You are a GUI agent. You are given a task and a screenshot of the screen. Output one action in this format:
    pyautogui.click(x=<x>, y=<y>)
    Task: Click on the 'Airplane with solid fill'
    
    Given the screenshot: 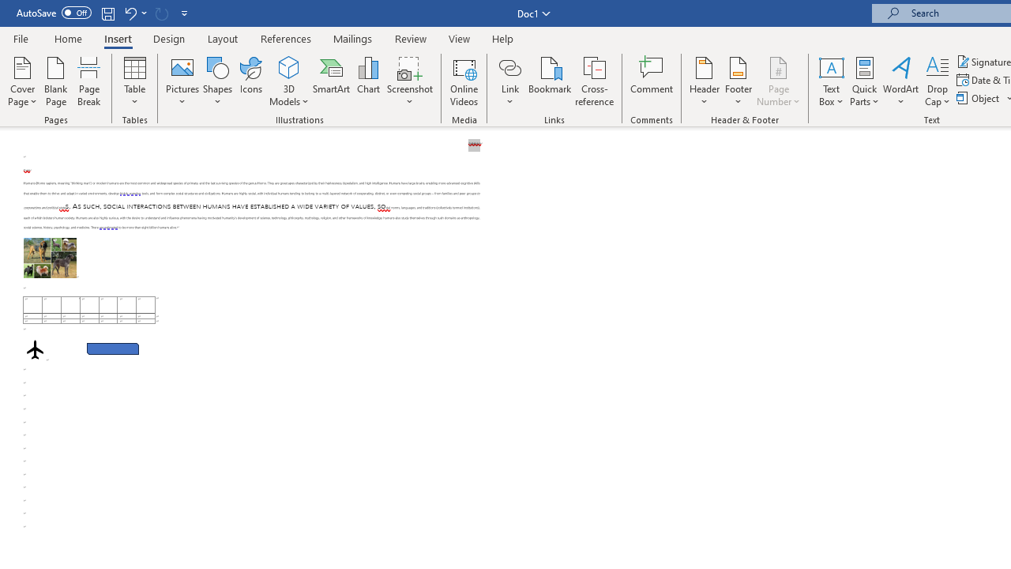 What is the action you would take?
    pyautogui.click(x=35, y=349)
    